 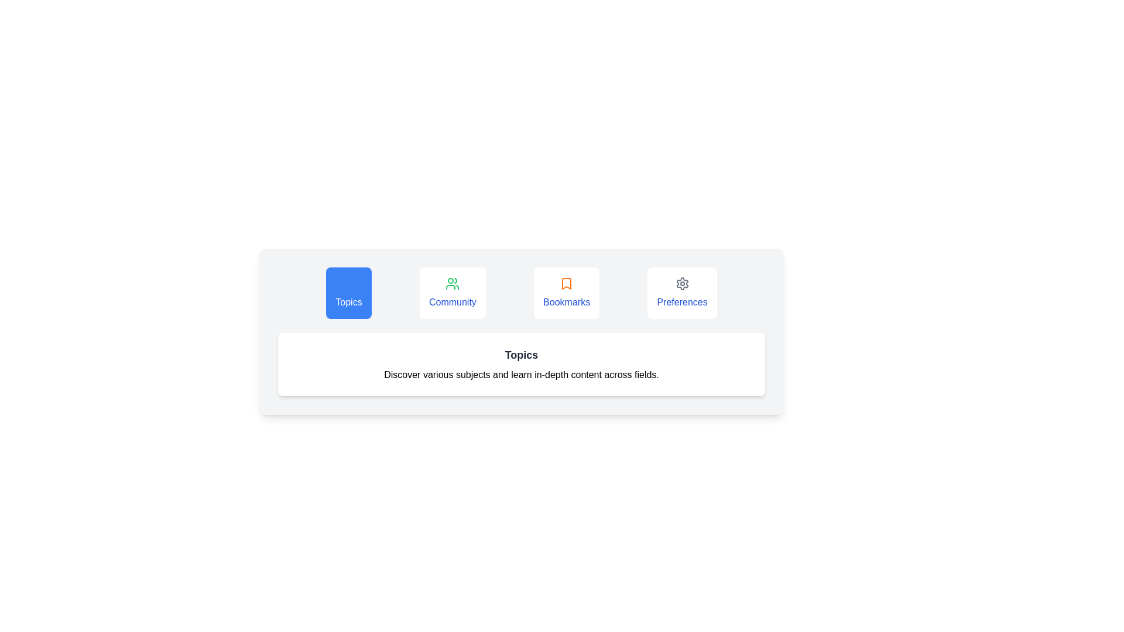 What do you see at coordinates (682, 293) in the screenshot?
I see `the Preferences tab by clicking on its button` at bounding box center [682, 293].